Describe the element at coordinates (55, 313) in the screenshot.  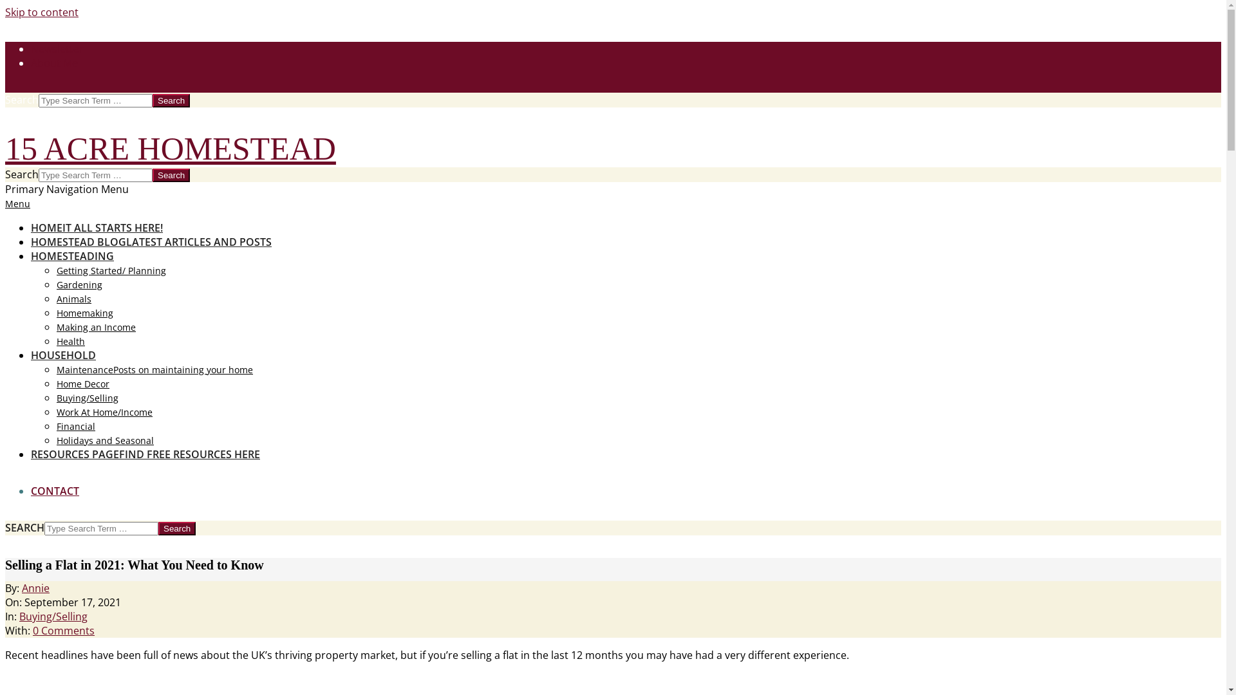
I see `'Homemaking'` at that location.